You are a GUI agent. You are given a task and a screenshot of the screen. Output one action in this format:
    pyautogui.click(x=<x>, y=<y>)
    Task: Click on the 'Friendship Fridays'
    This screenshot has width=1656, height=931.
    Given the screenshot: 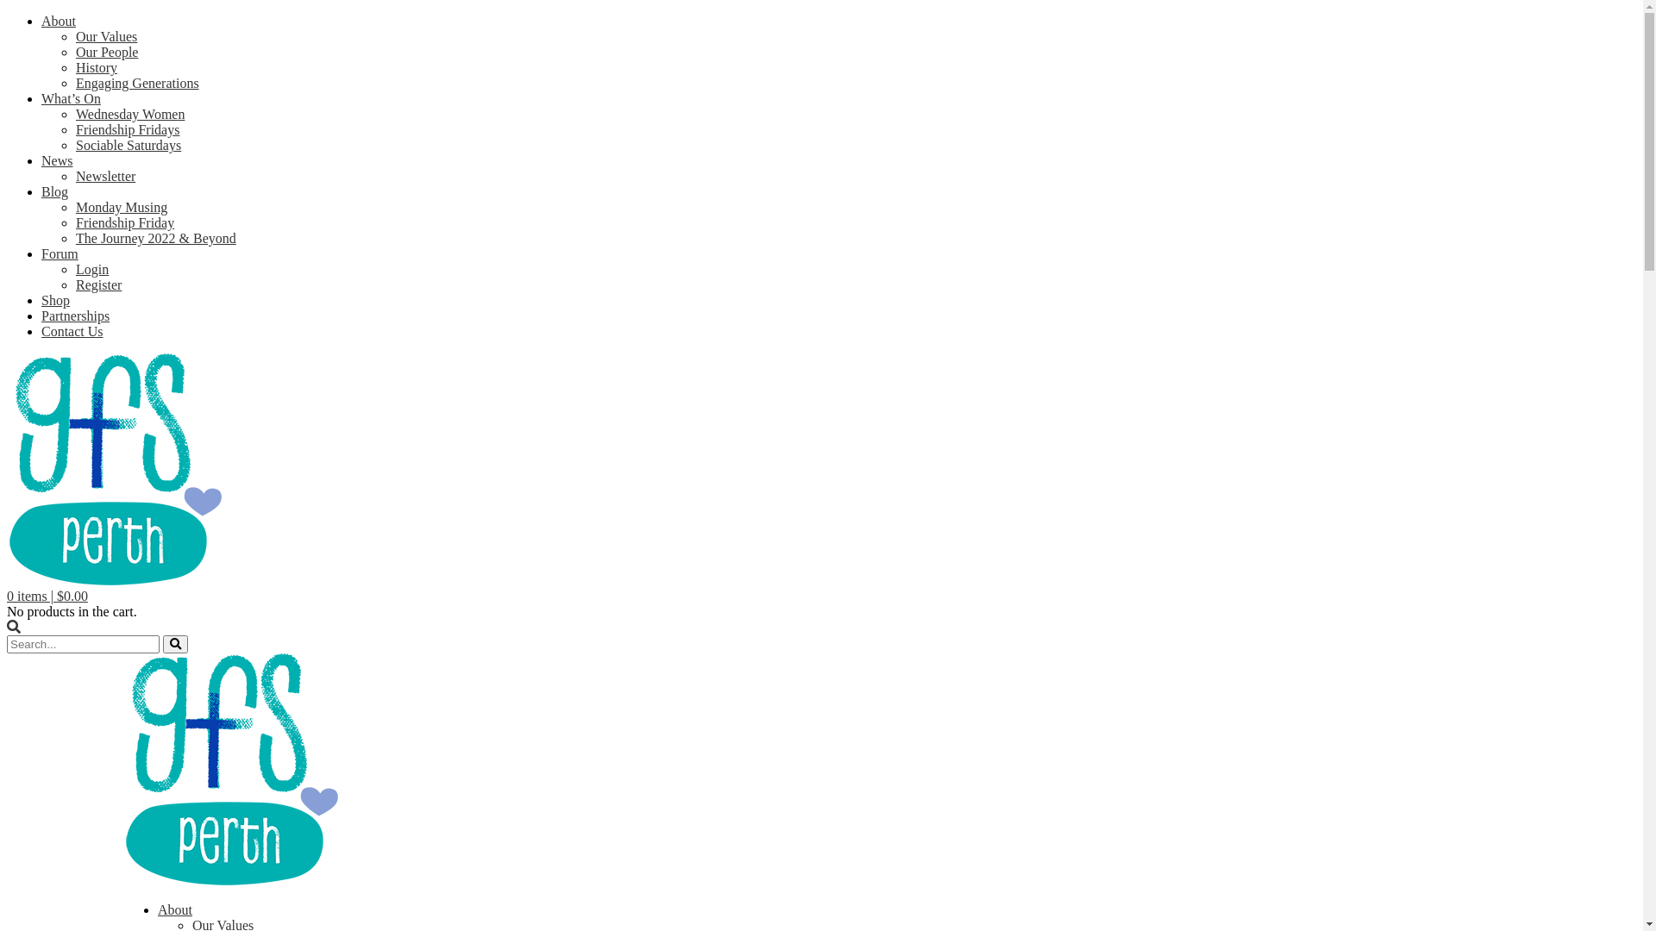 What is the action you would take?
    pyautogui.click(x=127, y=128)
    